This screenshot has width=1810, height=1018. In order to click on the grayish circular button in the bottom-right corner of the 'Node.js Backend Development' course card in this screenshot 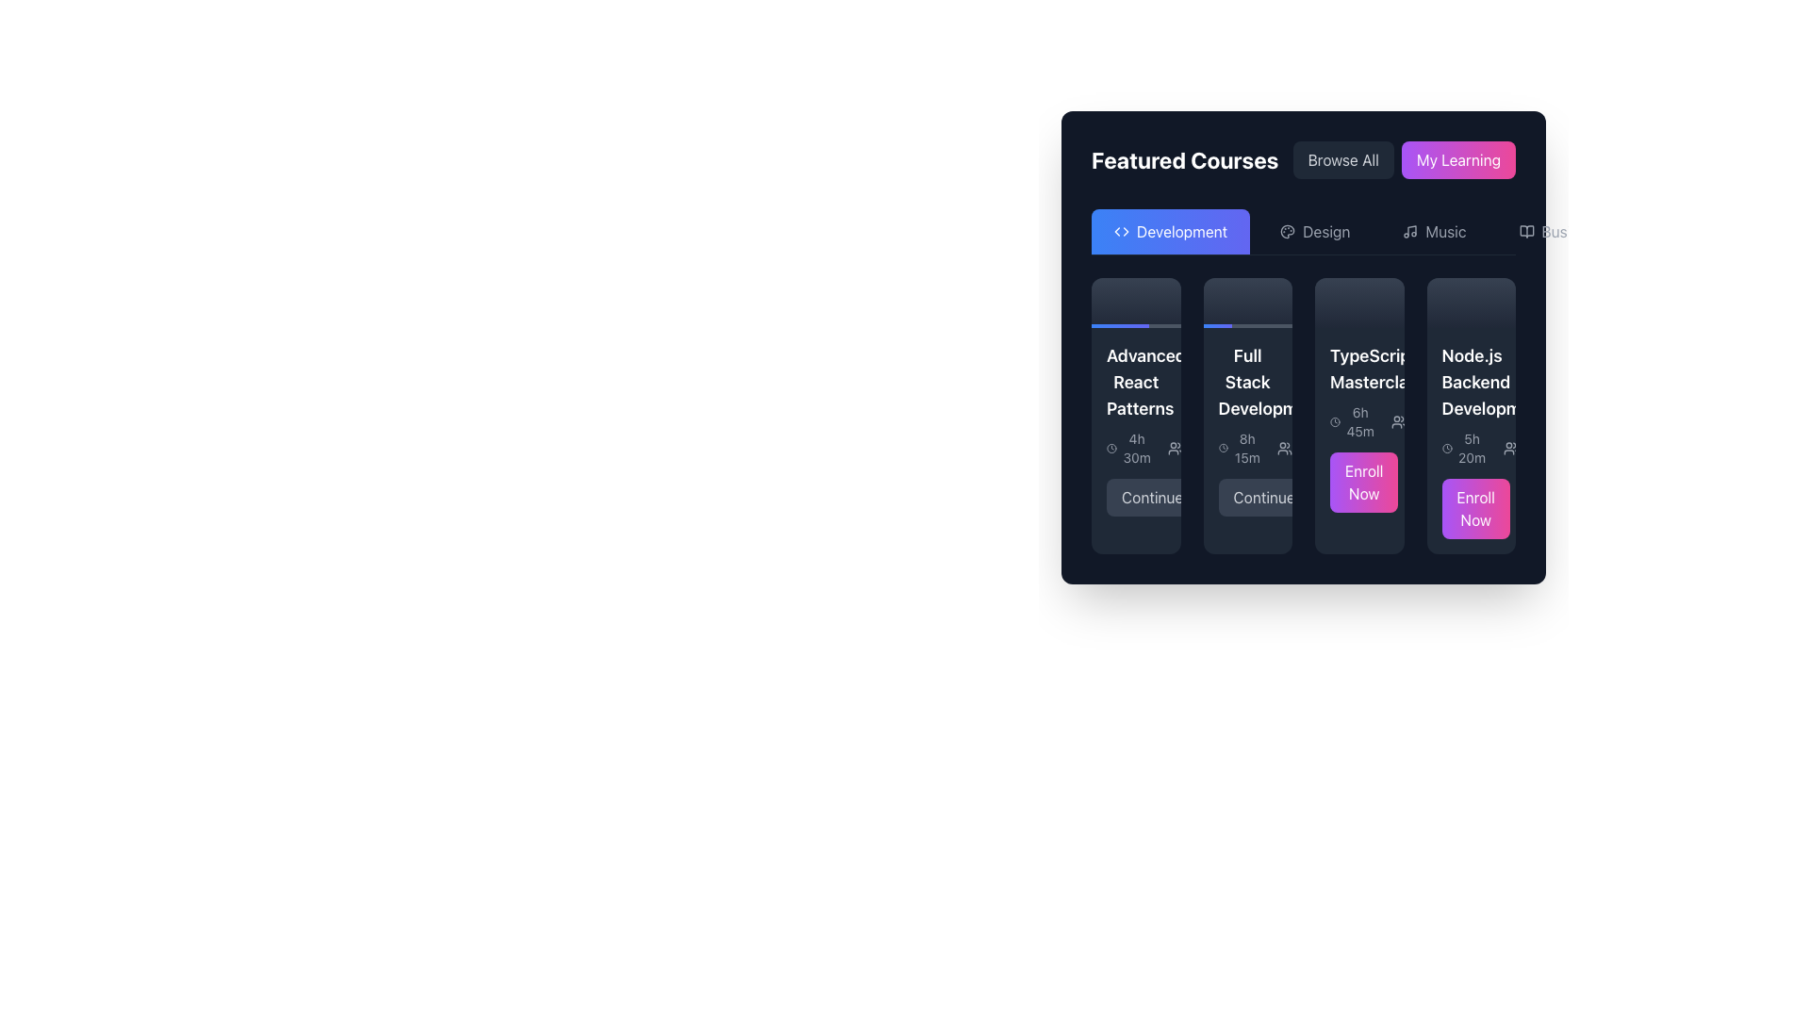, I will do `click(1526, 509)`.